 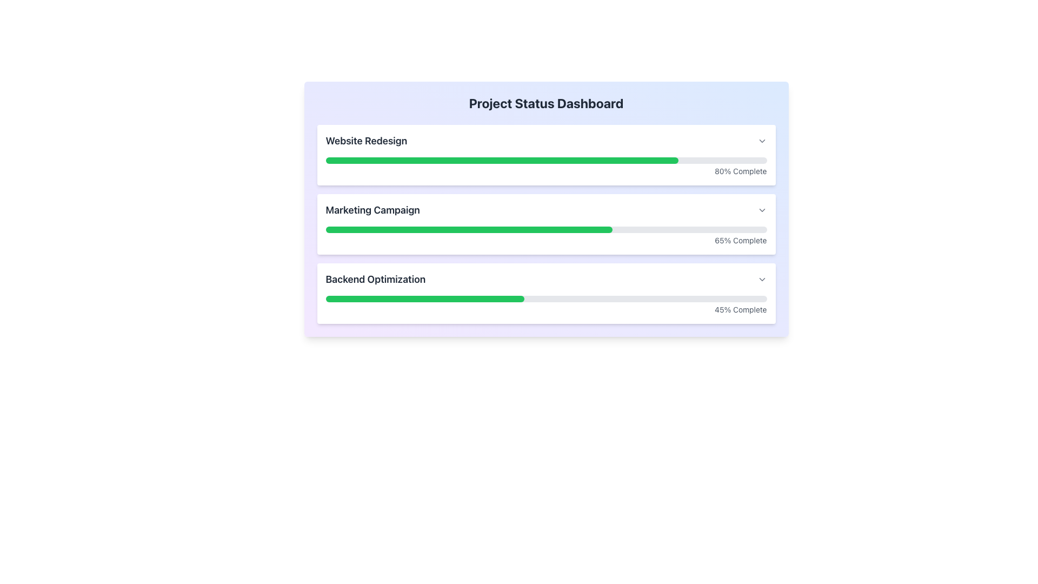 I want to click on the Card element displaying the progress of the 'Backend Optimization' task, which is the third card in the vertical list of cards, so click(x=546, y=294).